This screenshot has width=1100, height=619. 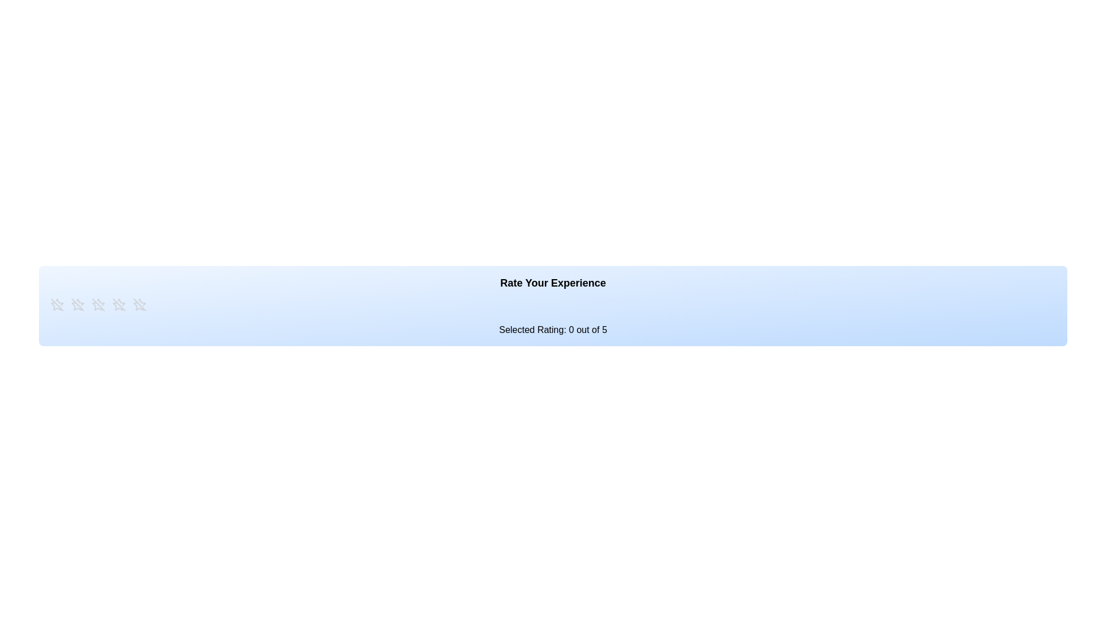 I want to click on the star corresponding to 1 stars to preview the rating, so click(x=57, y=304).